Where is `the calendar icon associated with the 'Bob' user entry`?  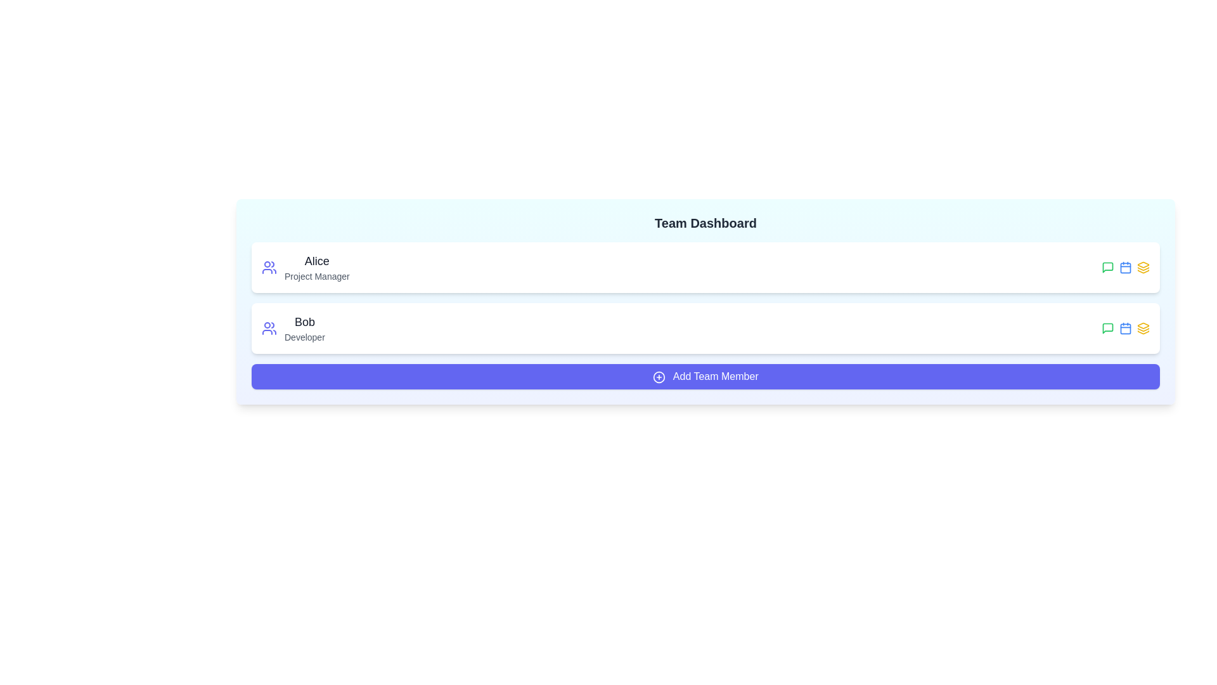 the calendar icon associated with the 'Bob' user entry is located at coordinates (1126, 327).